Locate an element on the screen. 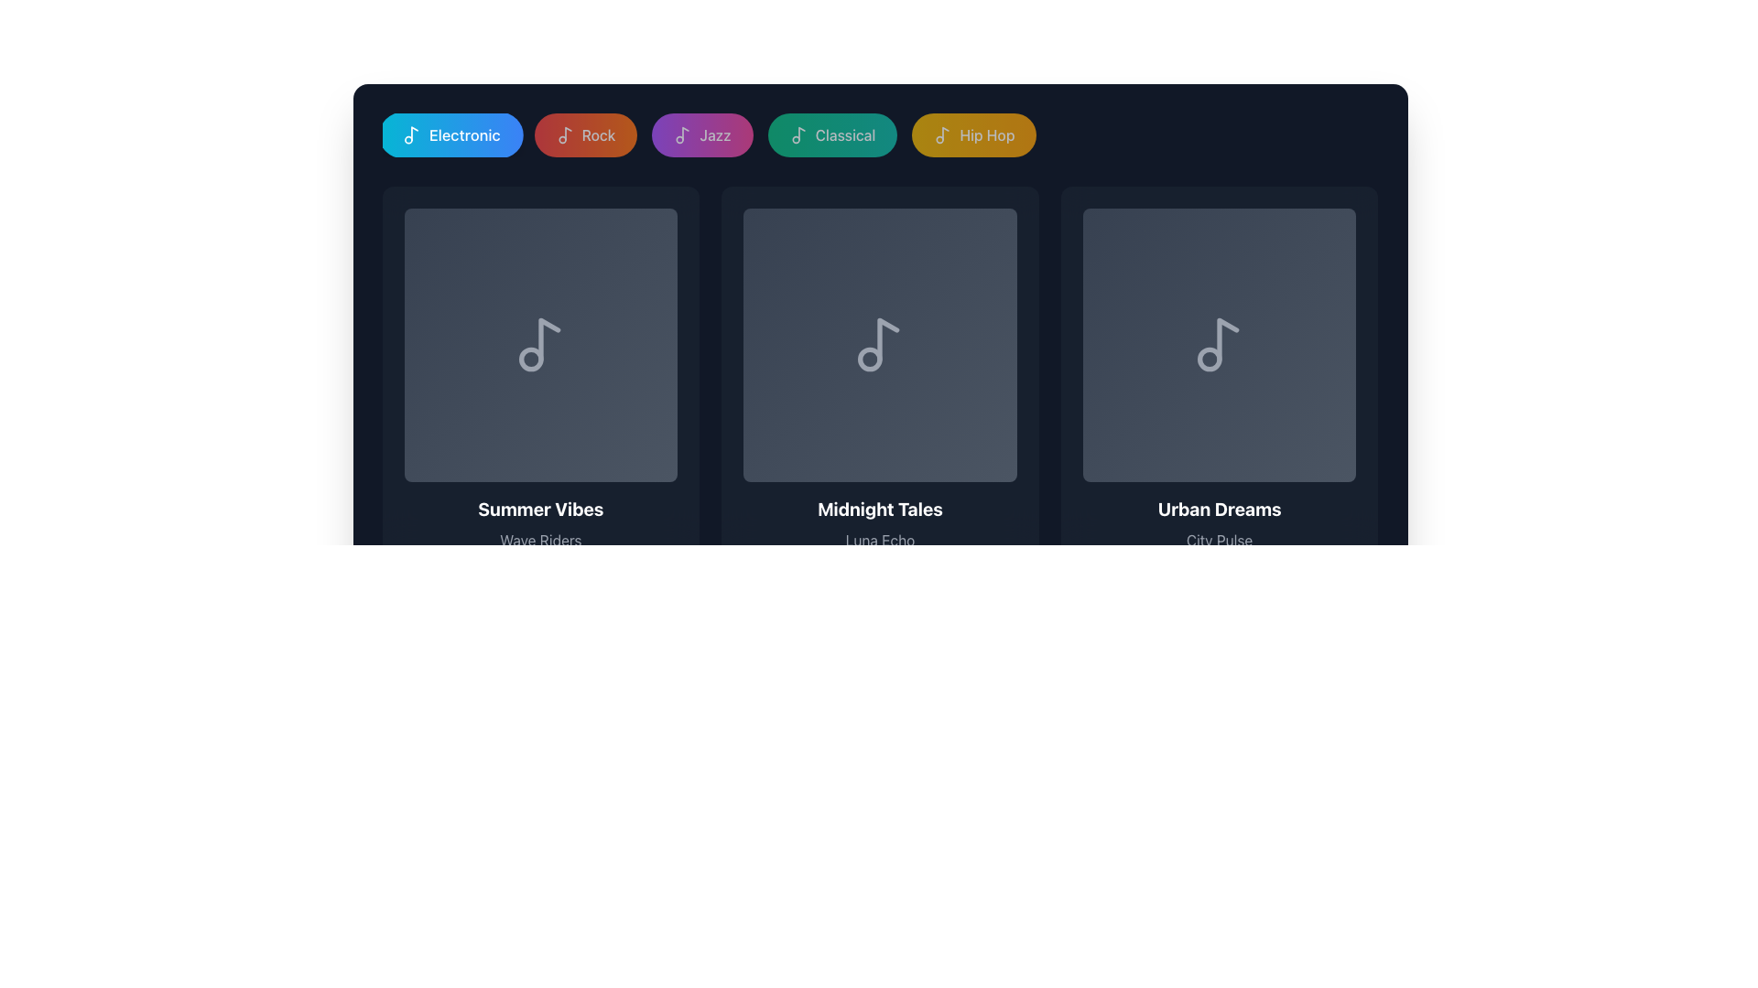 This screenshot has height=988, width=1758. the 'City Pulse' text label, which is styled in gray and positioned below the 'Urban Dreams' title, to check for any tooltip appearance is located at coordinates (1220, 539).